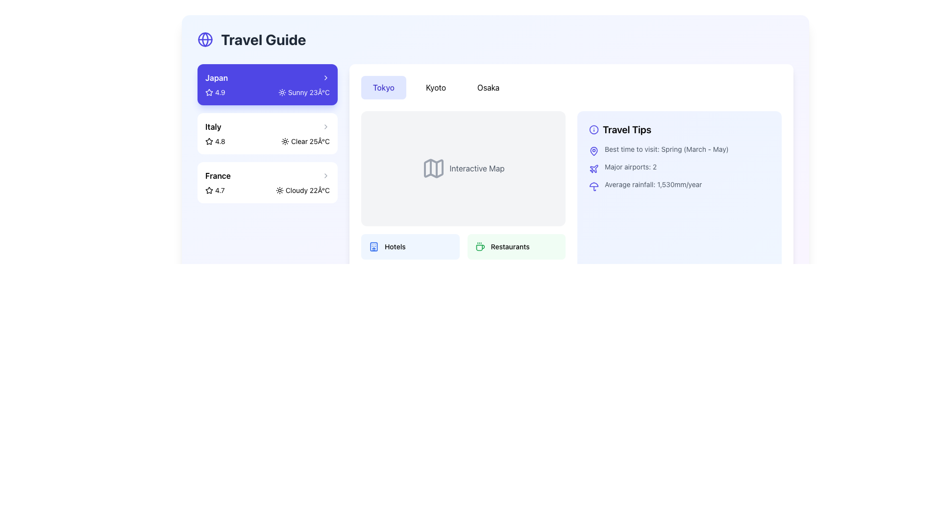 The width and height of the screenshot is (941, 529). I want to click on the map icon located in the 'Interactive Map' pane, which is positioned above the text label 'Interactive Map', so click(433, 168).